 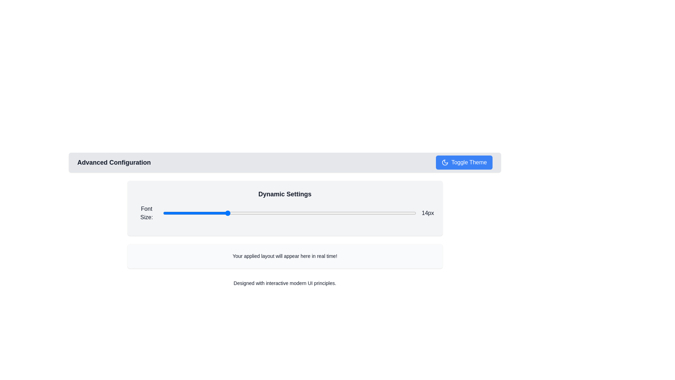 I want to click on the font size, so click(x=321, y=213).